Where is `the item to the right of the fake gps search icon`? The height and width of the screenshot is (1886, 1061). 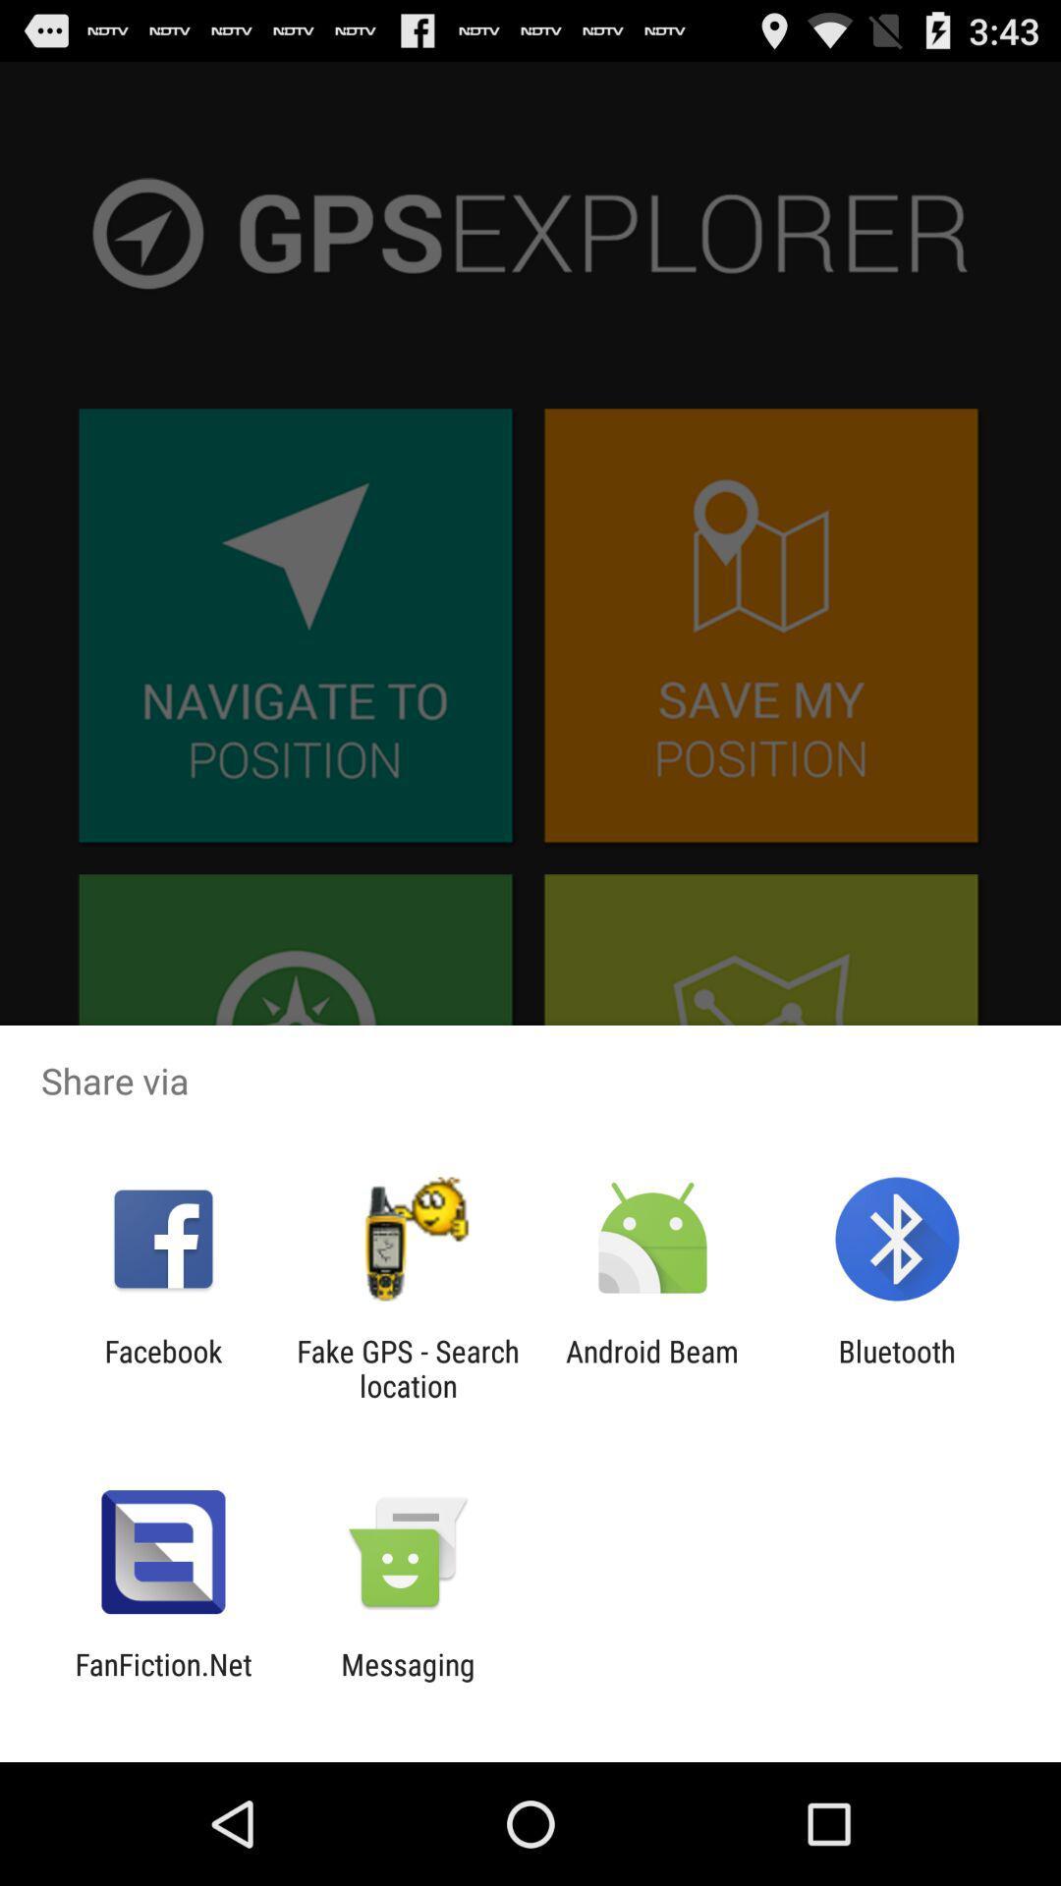 the item to the right of the fake gps search icon is located at coordinates (652, 1367).